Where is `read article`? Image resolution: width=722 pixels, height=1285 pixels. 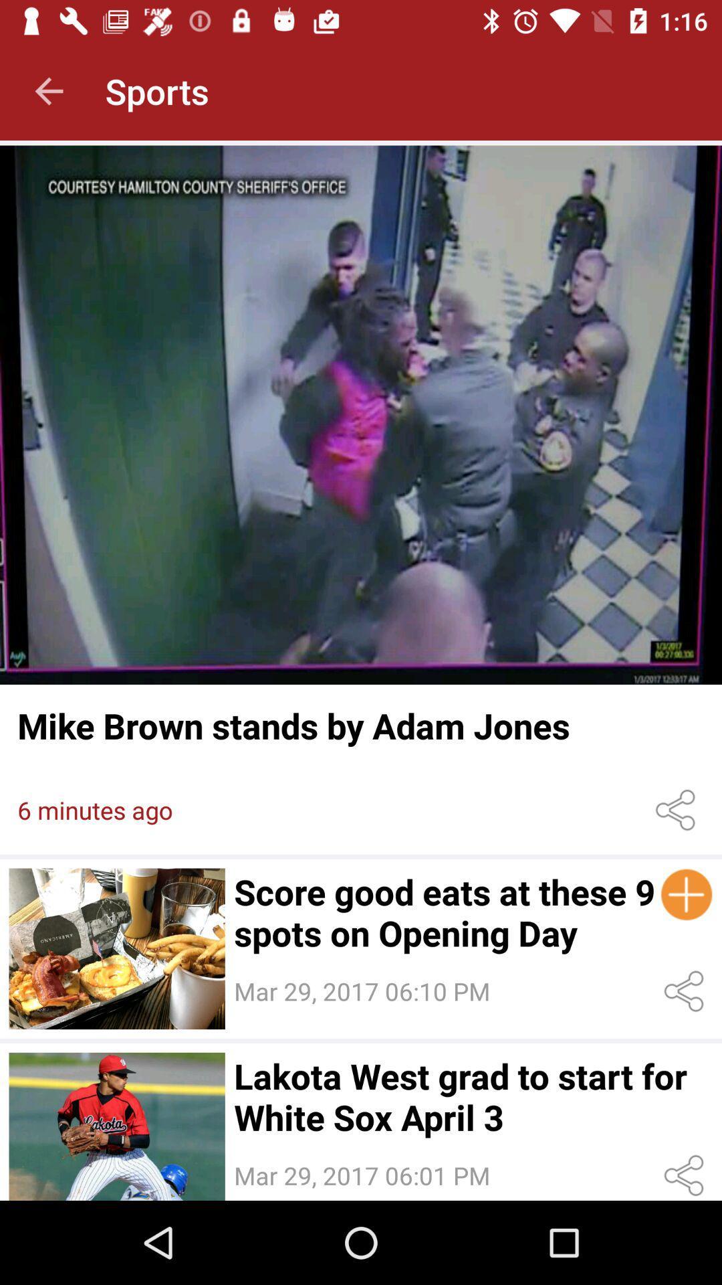 read article is located at coordinates (361, 414).